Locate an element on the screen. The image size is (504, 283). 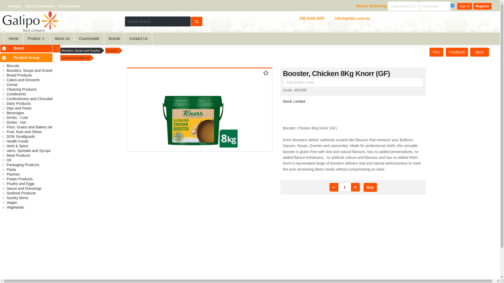
'Confectionery and Chocolate' is located at coordinates (30, 99).